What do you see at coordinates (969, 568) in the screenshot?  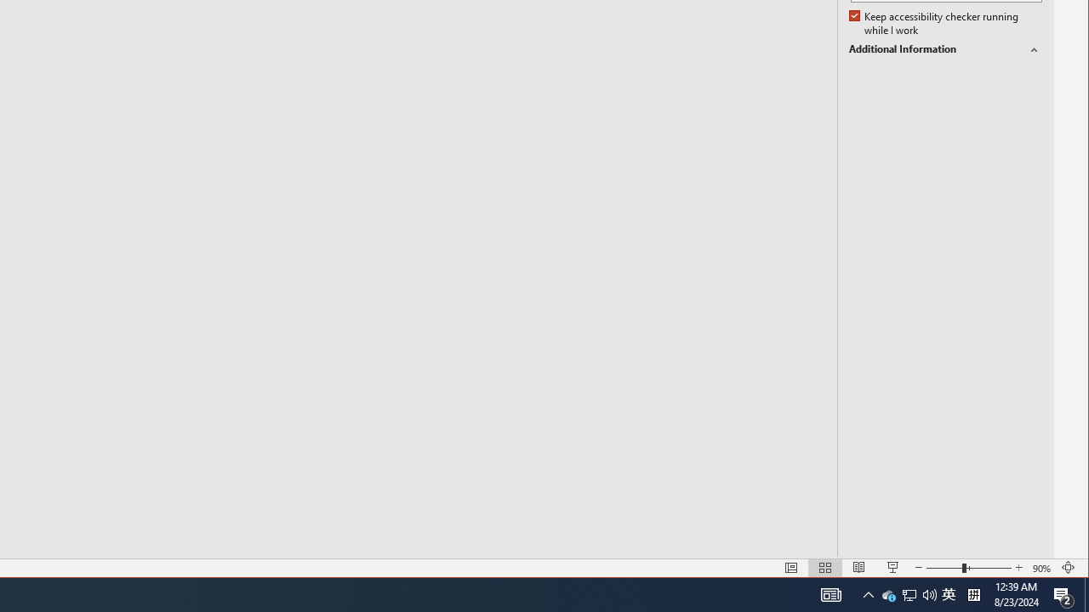 I see `'Zoom'` at bounding box center [969, 568].